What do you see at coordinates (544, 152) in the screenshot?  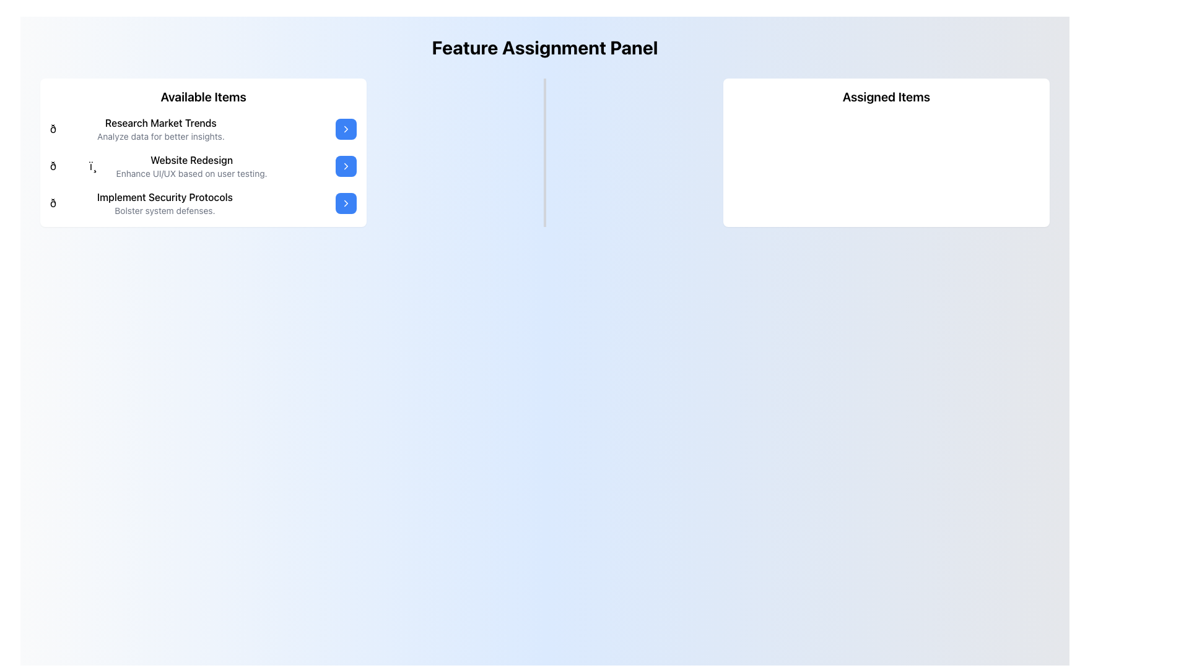 I see `the vertical divider that separates the 'Available Items' section on the left from the 'Assigned Items' section on the right, which is a gray vertically oriented line in the middle column of the layout` at bounding box center [544, 152].